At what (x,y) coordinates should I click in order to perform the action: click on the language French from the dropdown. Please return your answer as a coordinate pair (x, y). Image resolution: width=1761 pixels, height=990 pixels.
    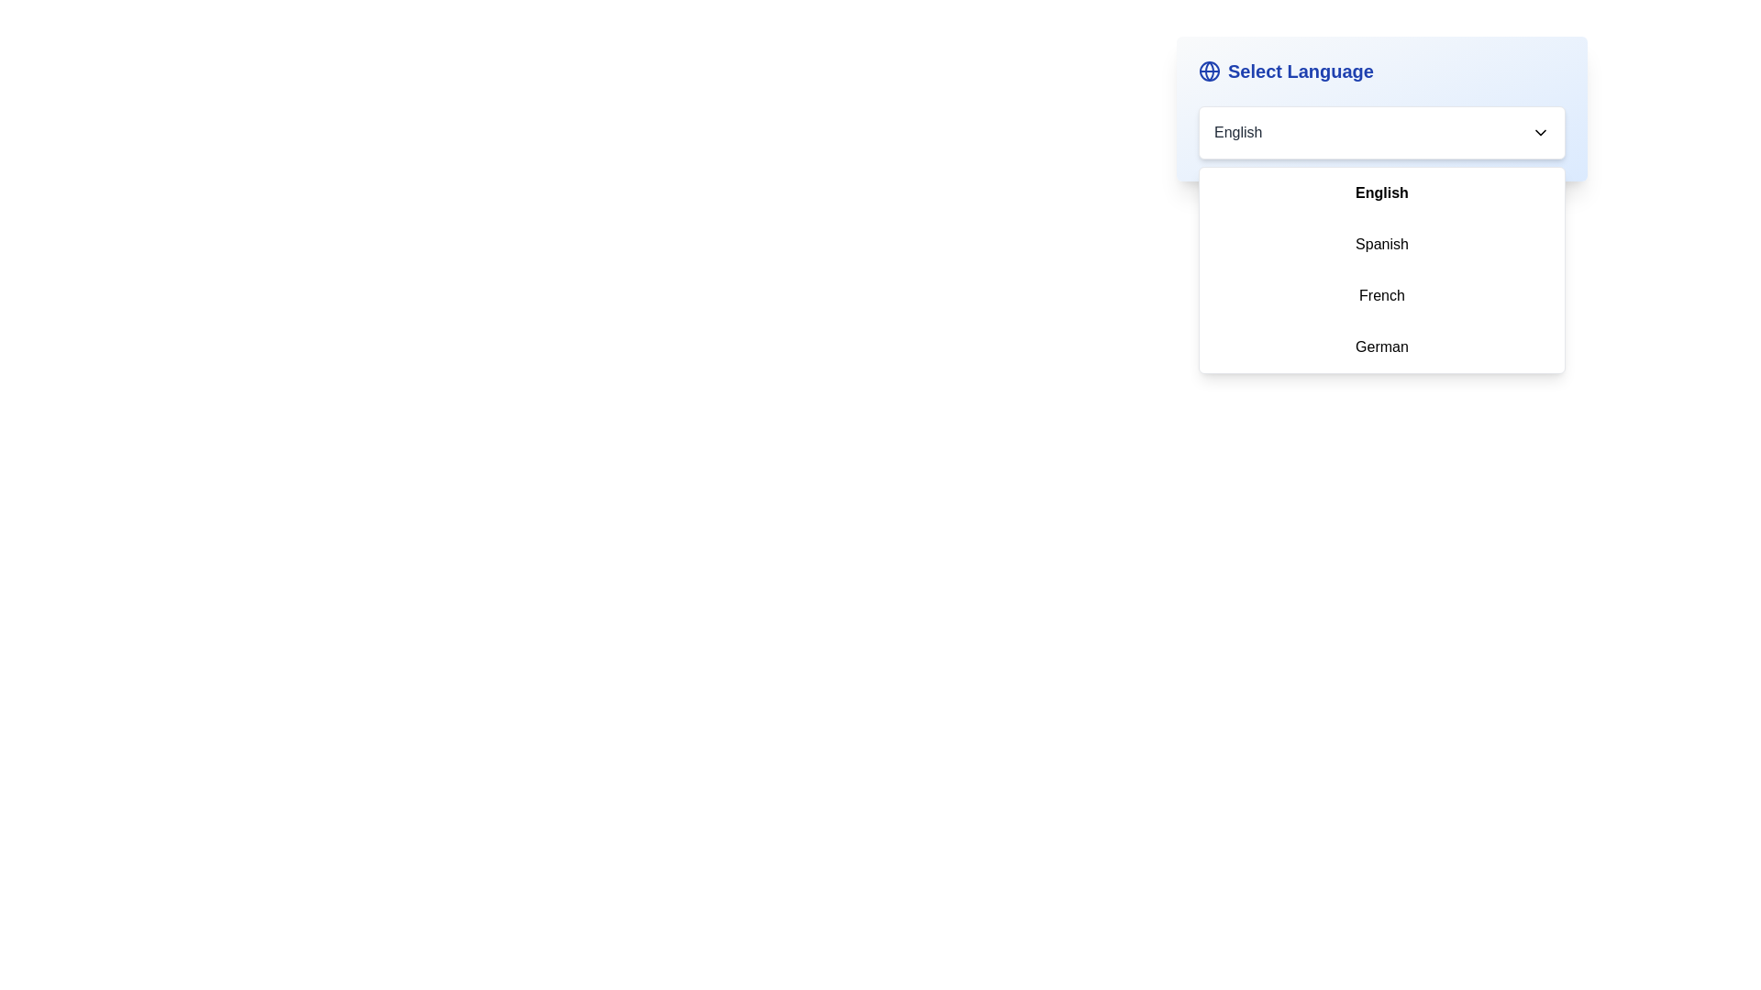
    Looking at the image, I should click on (1382, 295).